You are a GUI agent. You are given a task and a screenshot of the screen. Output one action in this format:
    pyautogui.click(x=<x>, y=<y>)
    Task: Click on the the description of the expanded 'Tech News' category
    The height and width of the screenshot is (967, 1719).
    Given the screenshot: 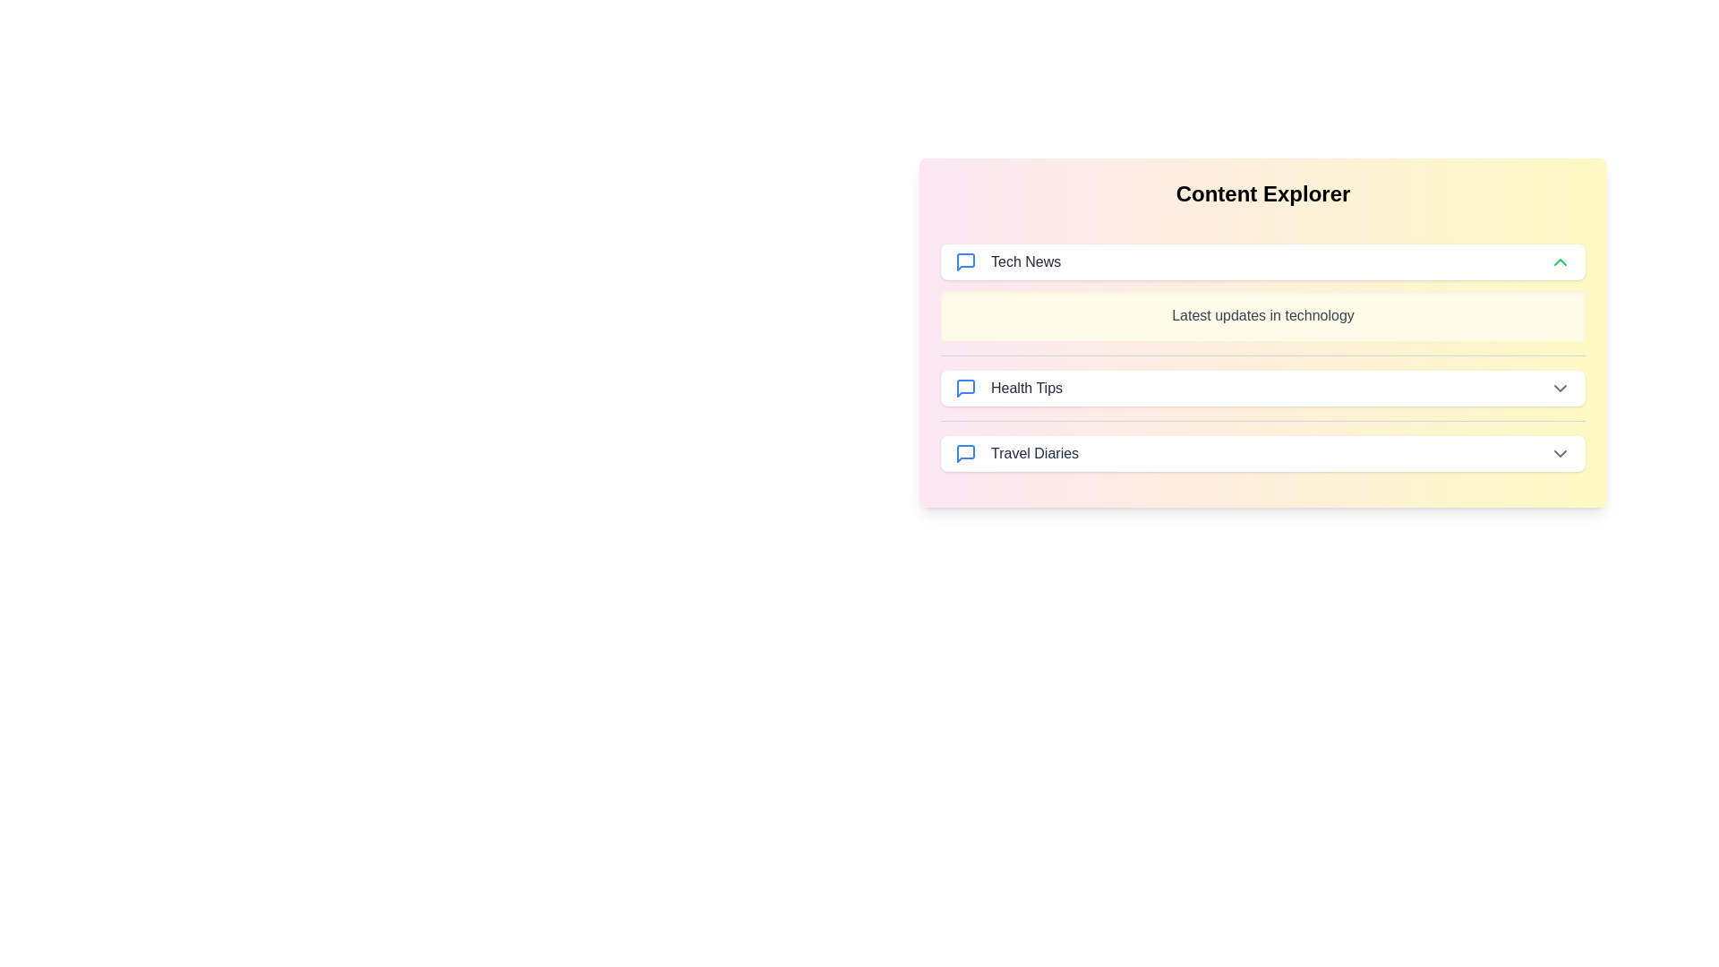 What is the action you would take?
    pyautogui.click(x=1262, y=315)
    